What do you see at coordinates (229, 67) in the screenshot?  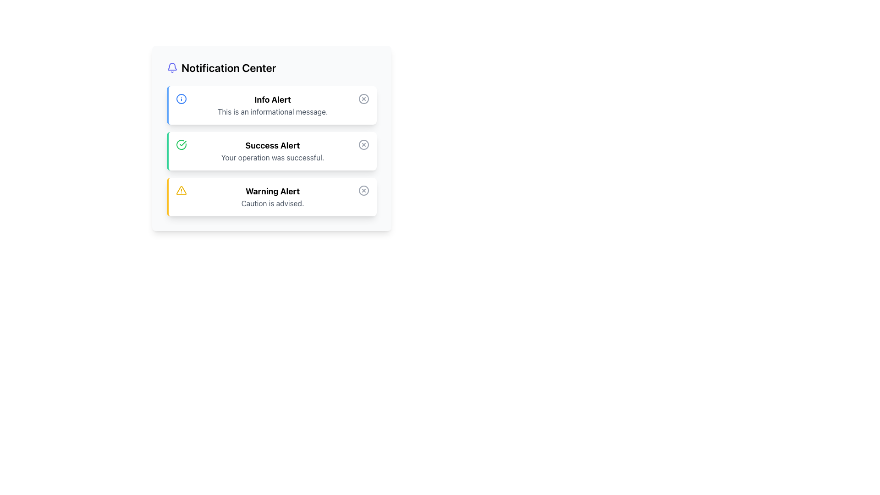 I see `text displayed in the bold, large font labeled 'Notification Center', which is positioned at the top of the notification panel to the right of the bell icon` at bounding box center [229, 67].